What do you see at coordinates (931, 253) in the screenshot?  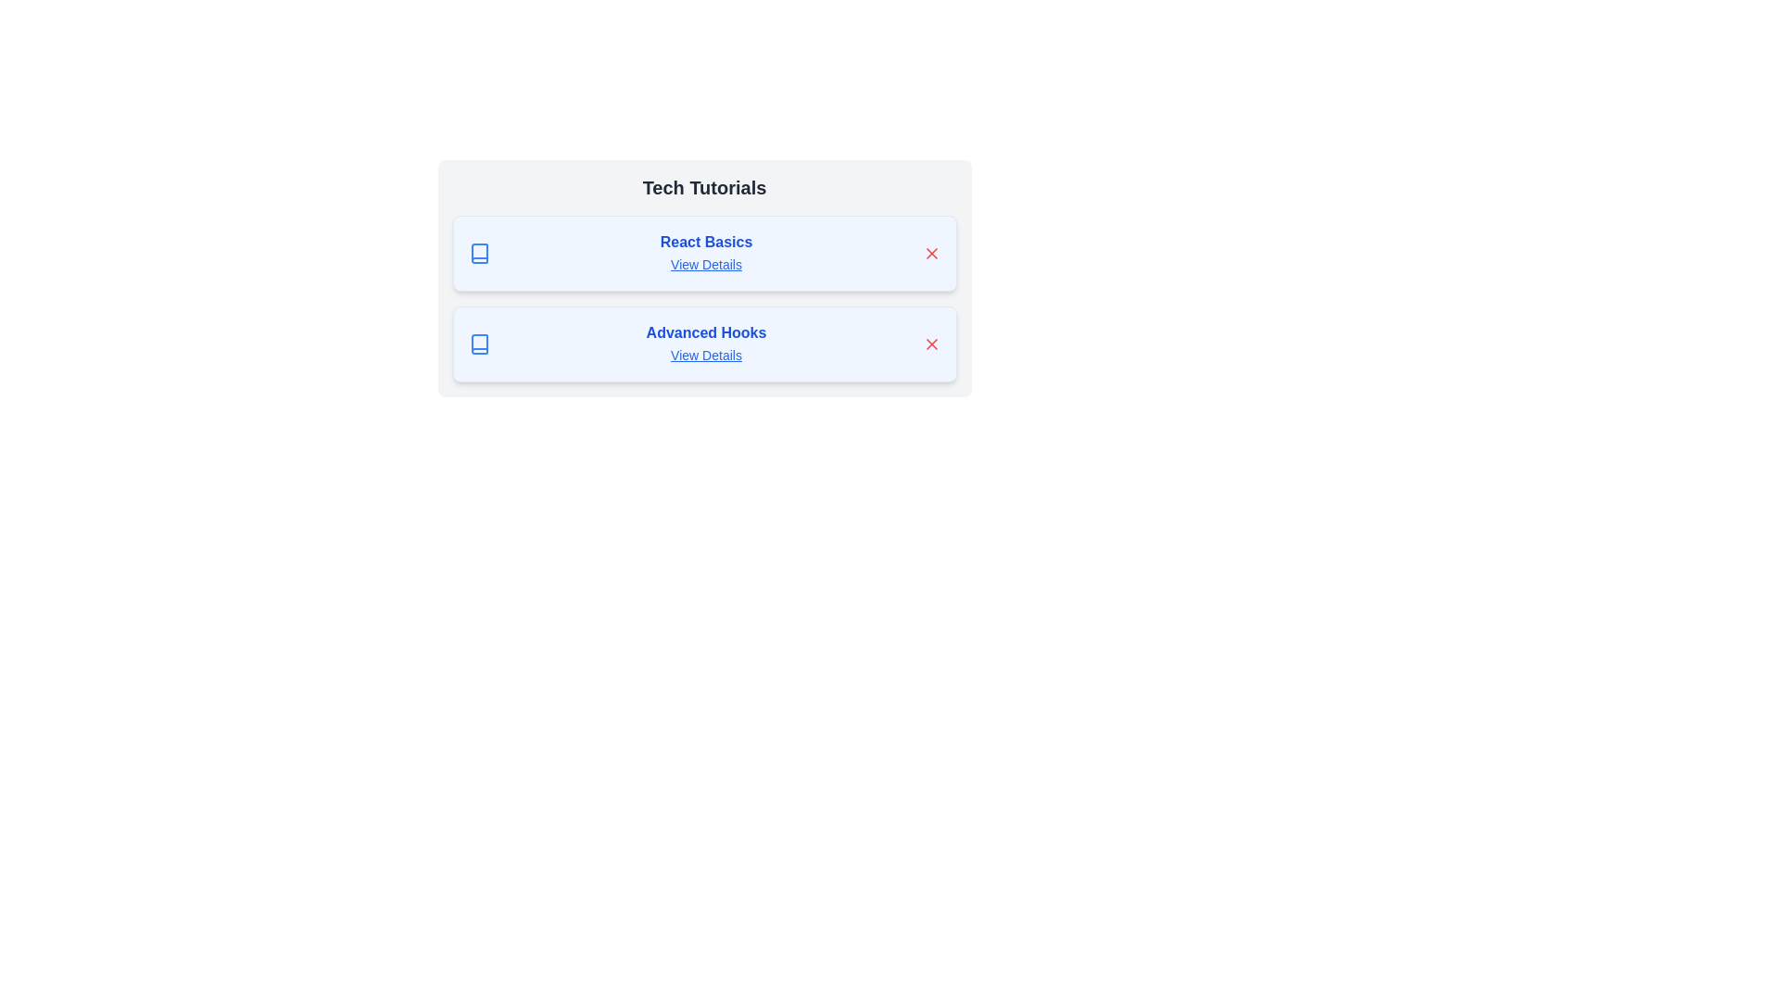 I see `the chip labeled React Basics by clicking its corresponding 'X' button` at bounding box center [931, 253].